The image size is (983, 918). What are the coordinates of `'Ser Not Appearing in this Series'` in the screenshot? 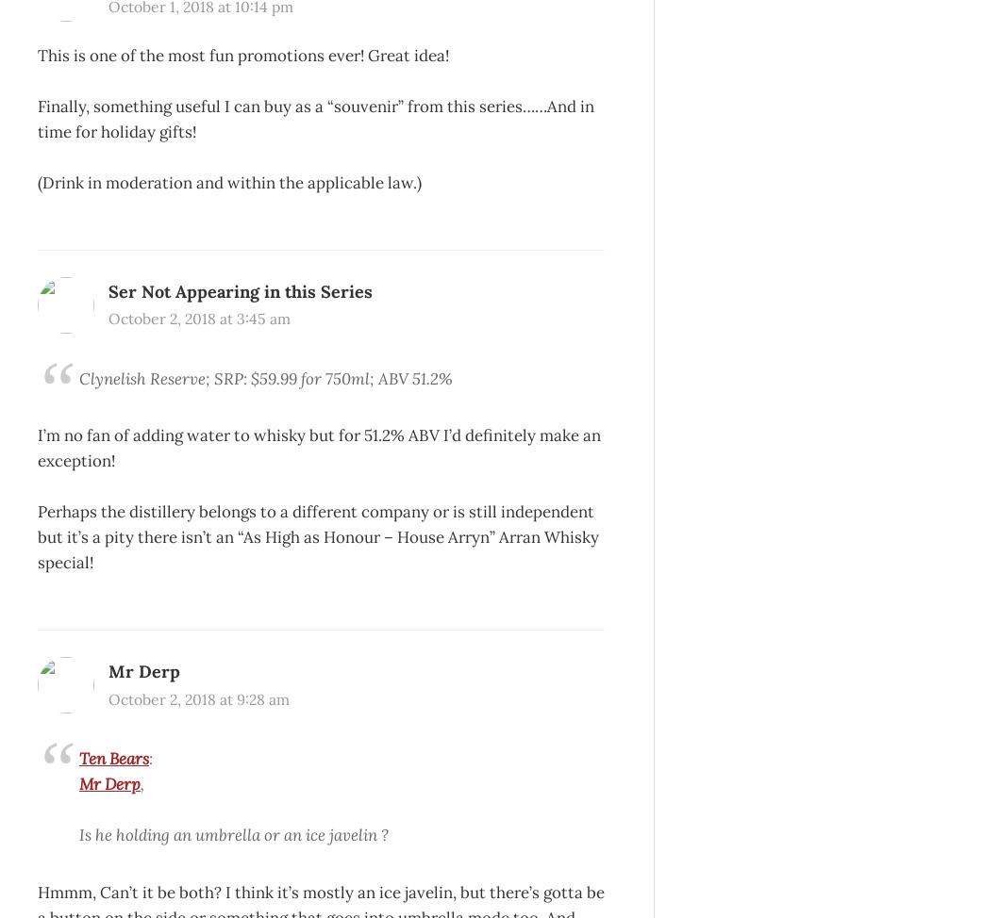 It's located at (108, 289).